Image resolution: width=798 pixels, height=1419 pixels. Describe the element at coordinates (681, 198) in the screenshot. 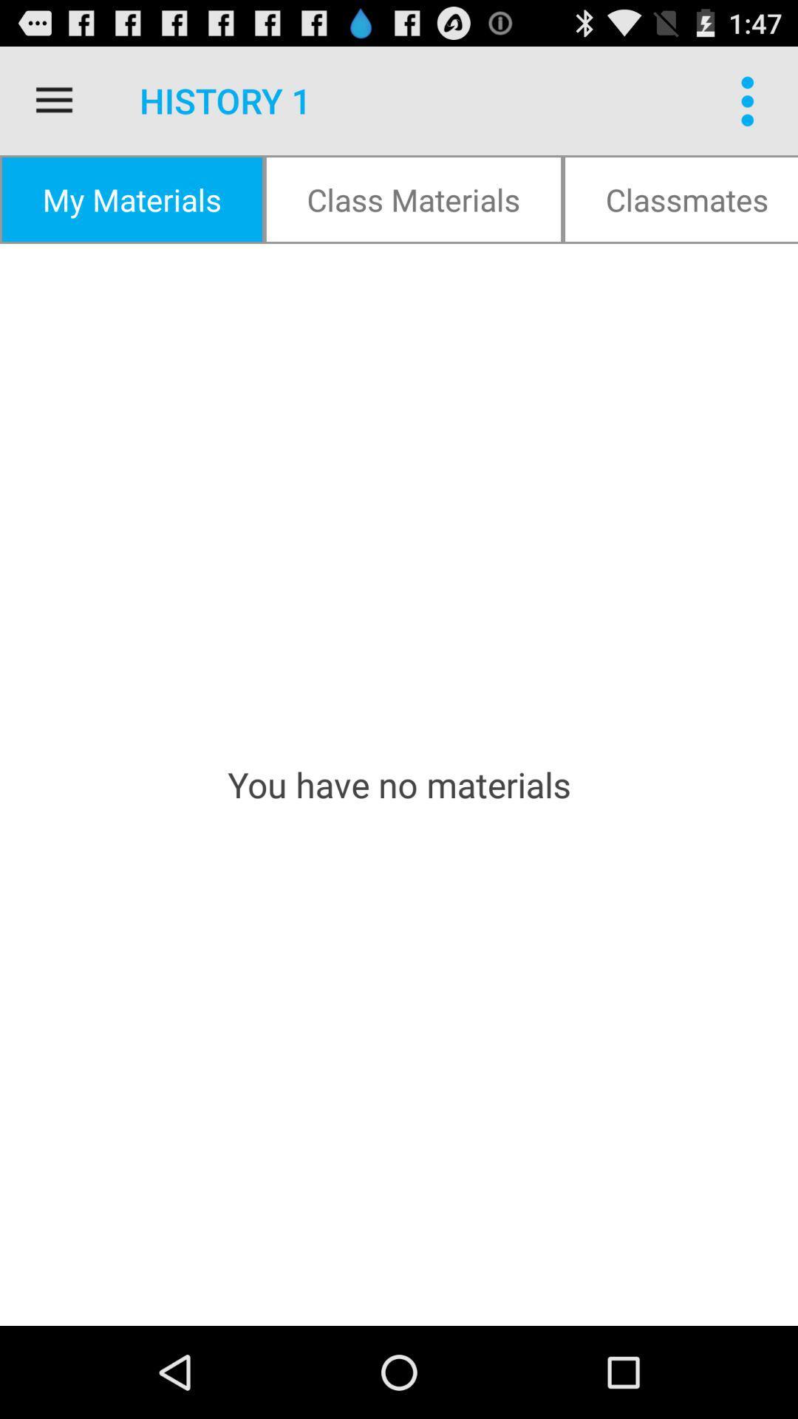

I see `item to the right of class materials` at that location.